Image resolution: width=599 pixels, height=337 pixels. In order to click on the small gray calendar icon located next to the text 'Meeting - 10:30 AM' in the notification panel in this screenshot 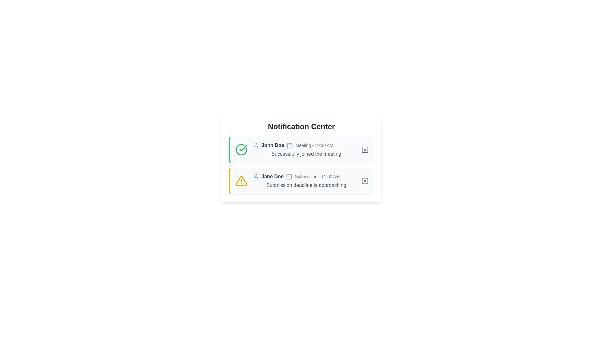, I will do `click(289, 145)`.